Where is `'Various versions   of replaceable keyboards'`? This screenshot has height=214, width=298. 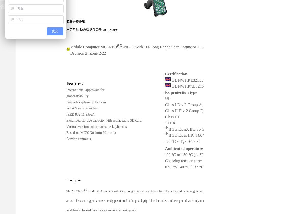 'Various versions   of replaceable keyboards' is located at coordinates (96, 126).